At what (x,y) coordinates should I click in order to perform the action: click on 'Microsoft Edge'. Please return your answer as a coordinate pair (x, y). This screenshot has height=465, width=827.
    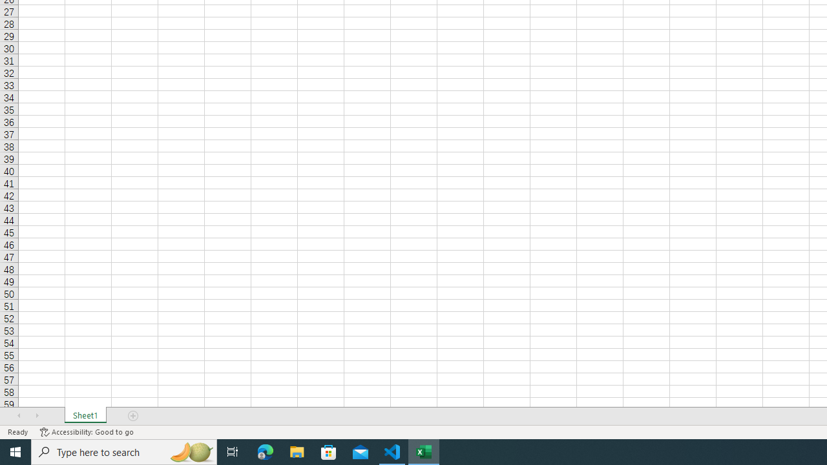
    Looking at the image, I should click on (265, 451).